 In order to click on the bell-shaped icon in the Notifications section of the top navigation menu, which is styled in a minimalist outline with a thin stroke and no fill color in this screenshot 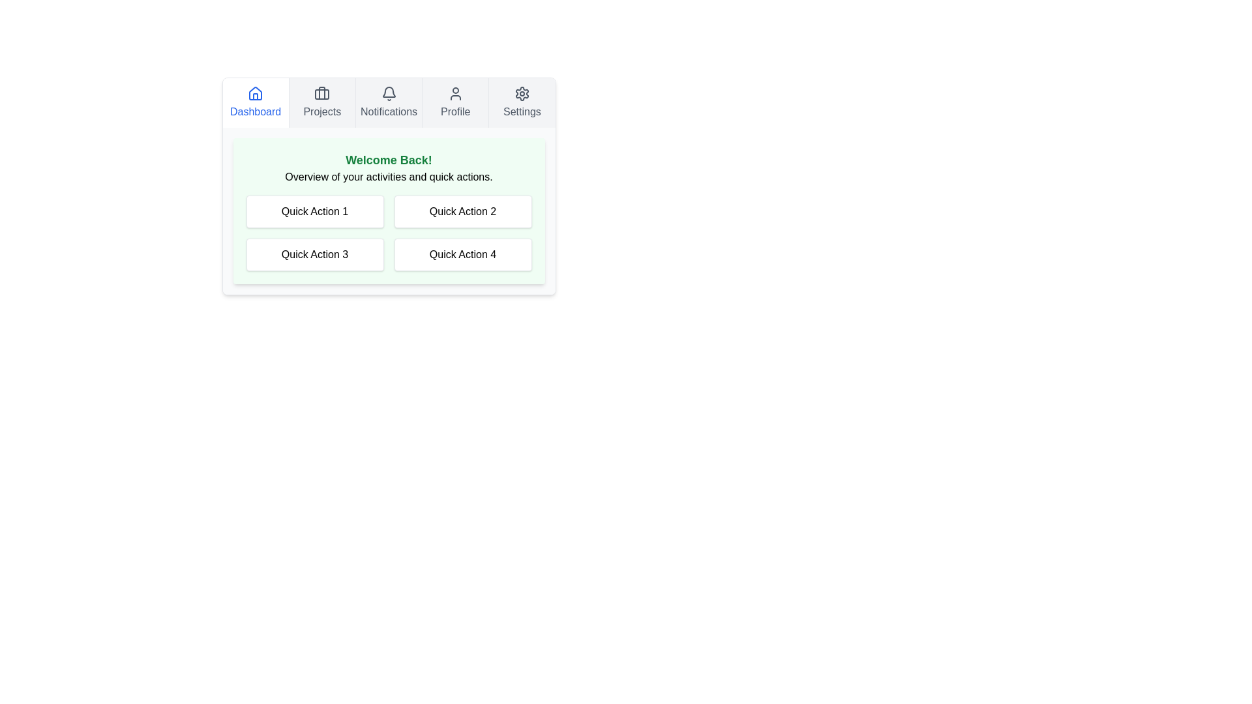, I will do `click(388, 91)`.